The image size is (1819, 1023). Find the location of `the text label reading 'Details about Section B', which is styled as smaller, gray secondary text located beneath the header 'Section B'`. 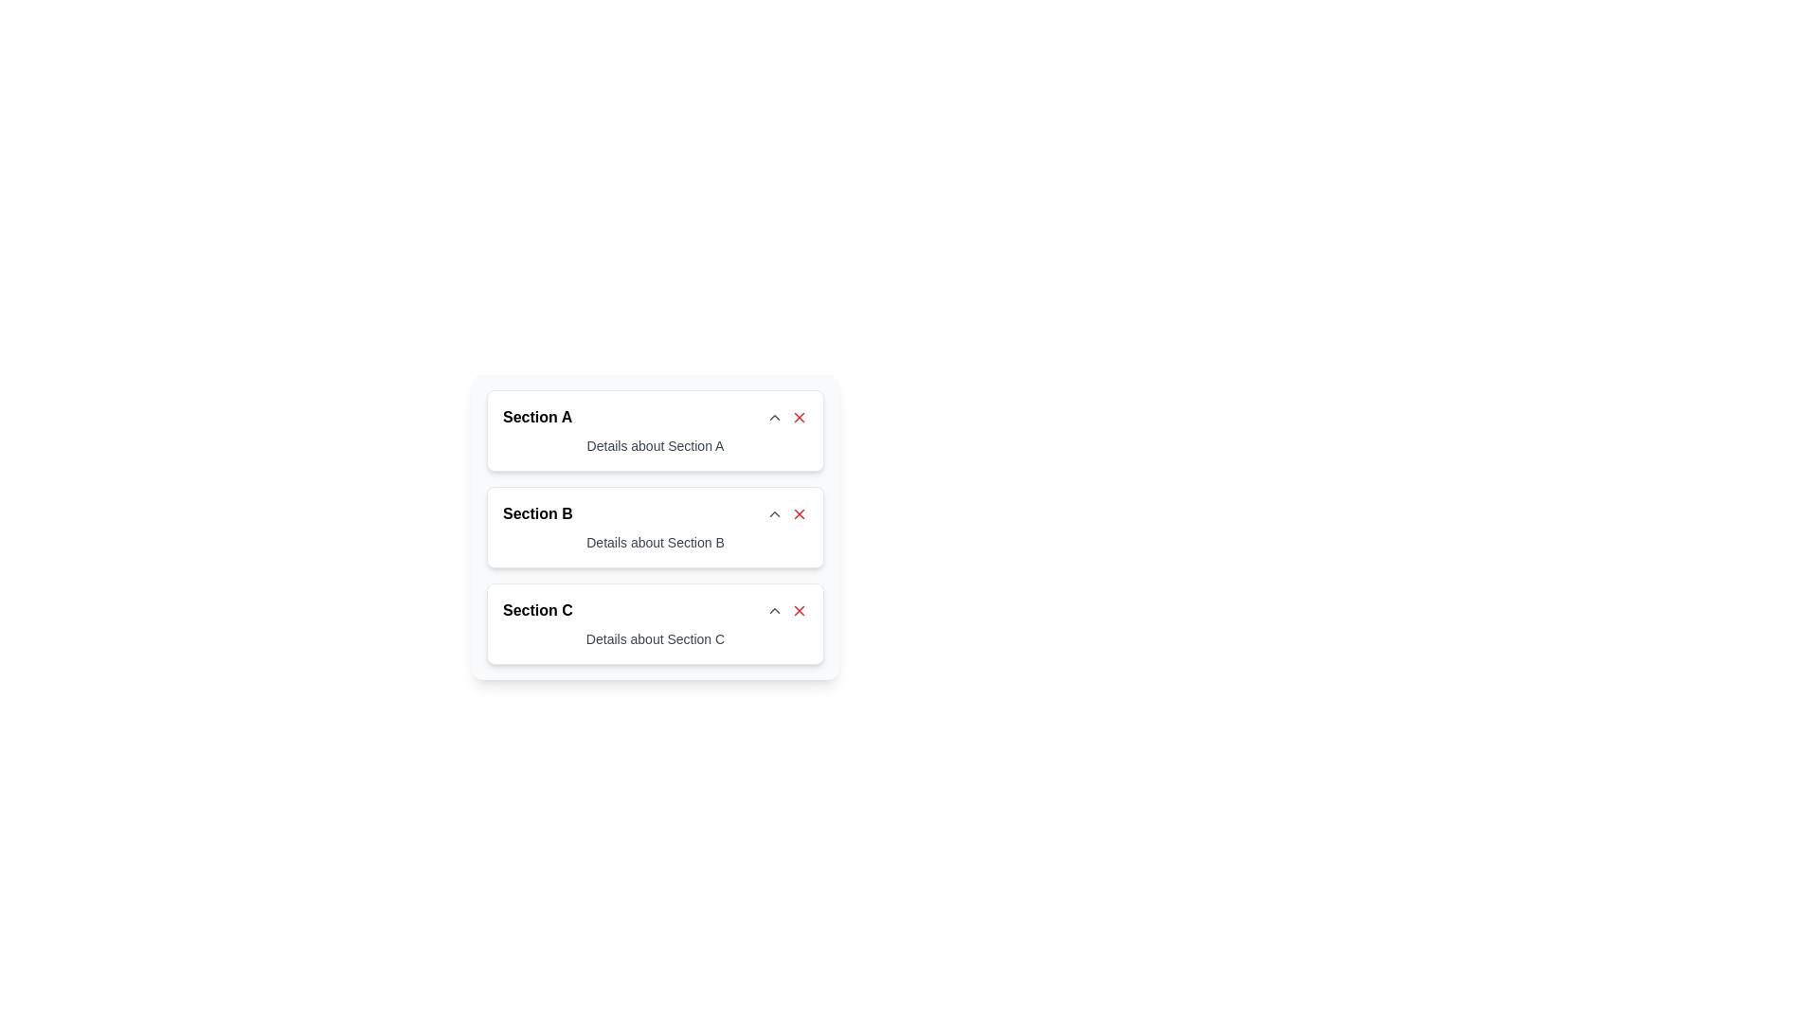

the text label reading 'Details about Section B', which is styled as smaller, gray secondary text located beneath the header 'Section B' is located at coordinates (655, 543).